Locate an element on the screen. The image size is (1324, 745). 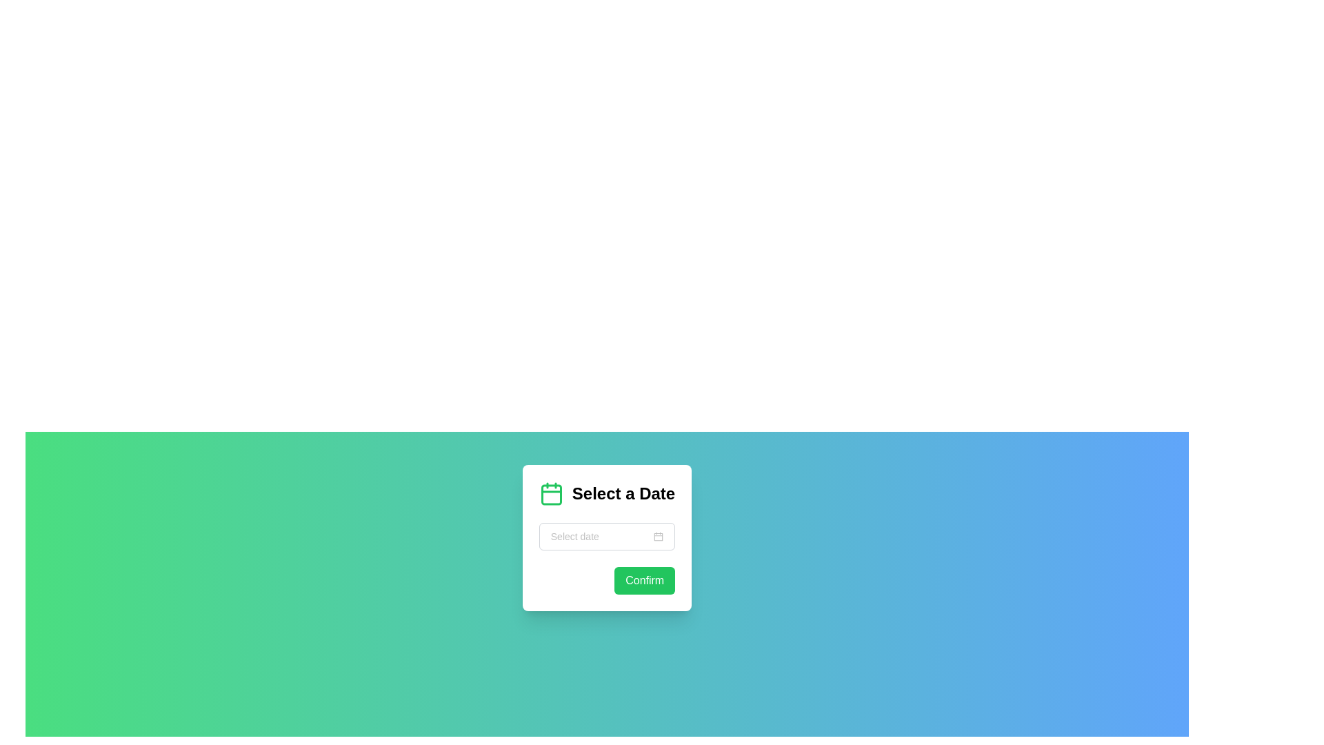
the minimalistic gray calendar icon located to the far right of the date input box is located at coordinates (658, 536).